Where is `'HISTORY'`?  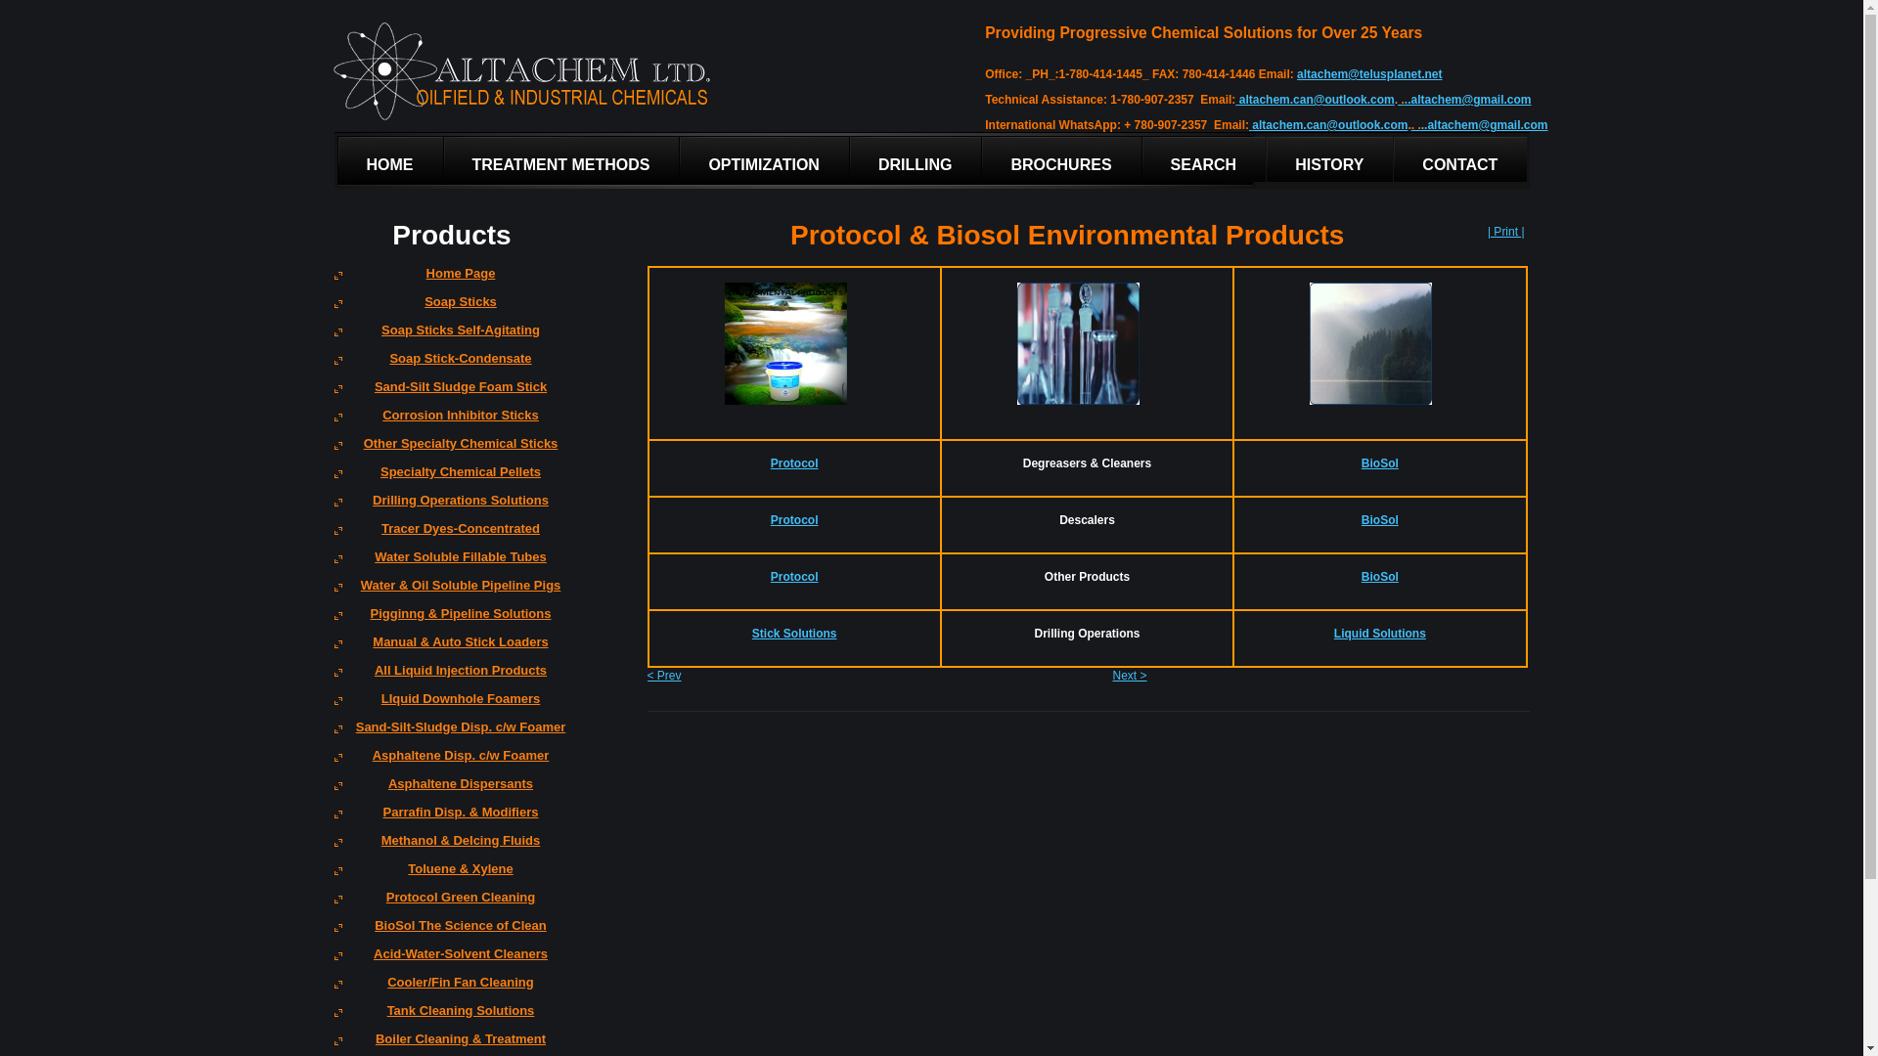
'HISTORY' is located at coordinates (1329, 159).